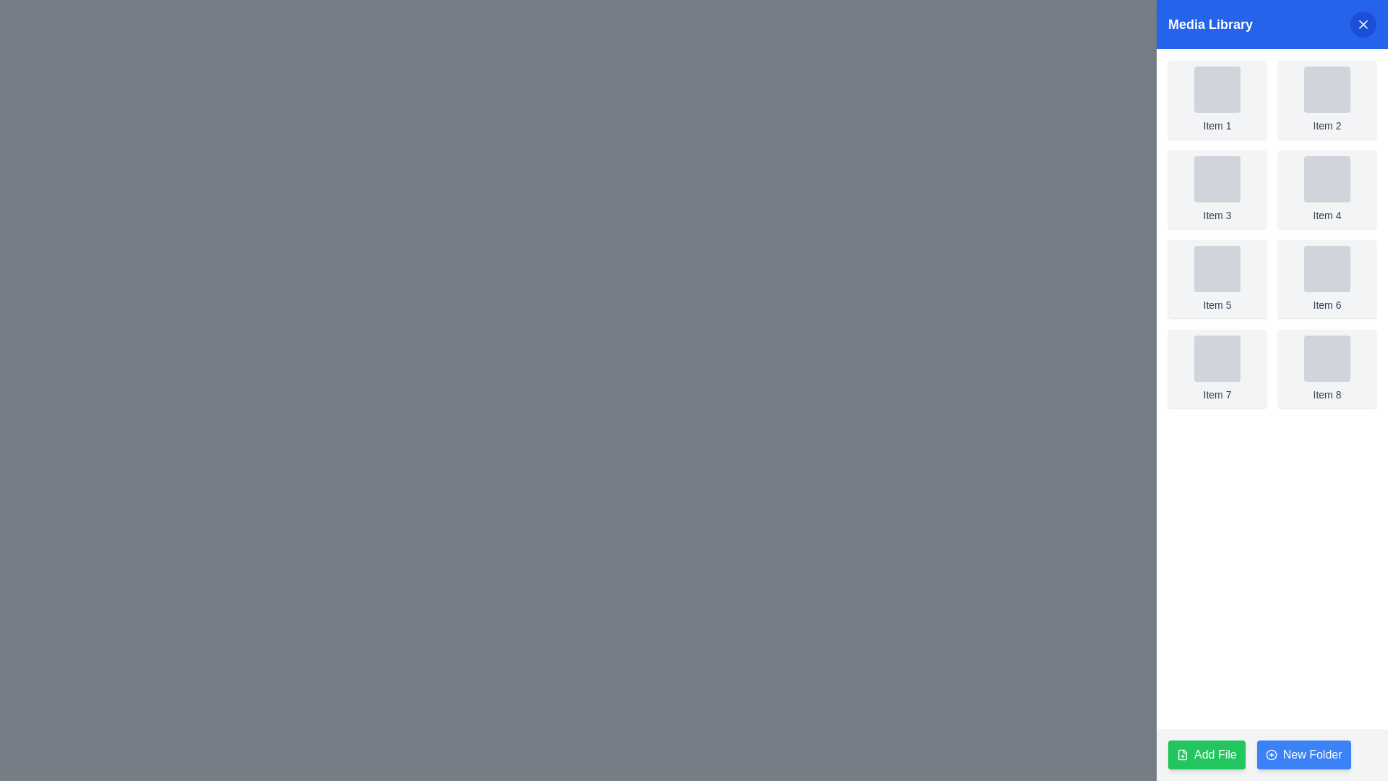 The width and height of the screenshot is (1388, 781). I want to click on the close button in the title bar of the 'Media Library' sidebar, so click(1363, 19).